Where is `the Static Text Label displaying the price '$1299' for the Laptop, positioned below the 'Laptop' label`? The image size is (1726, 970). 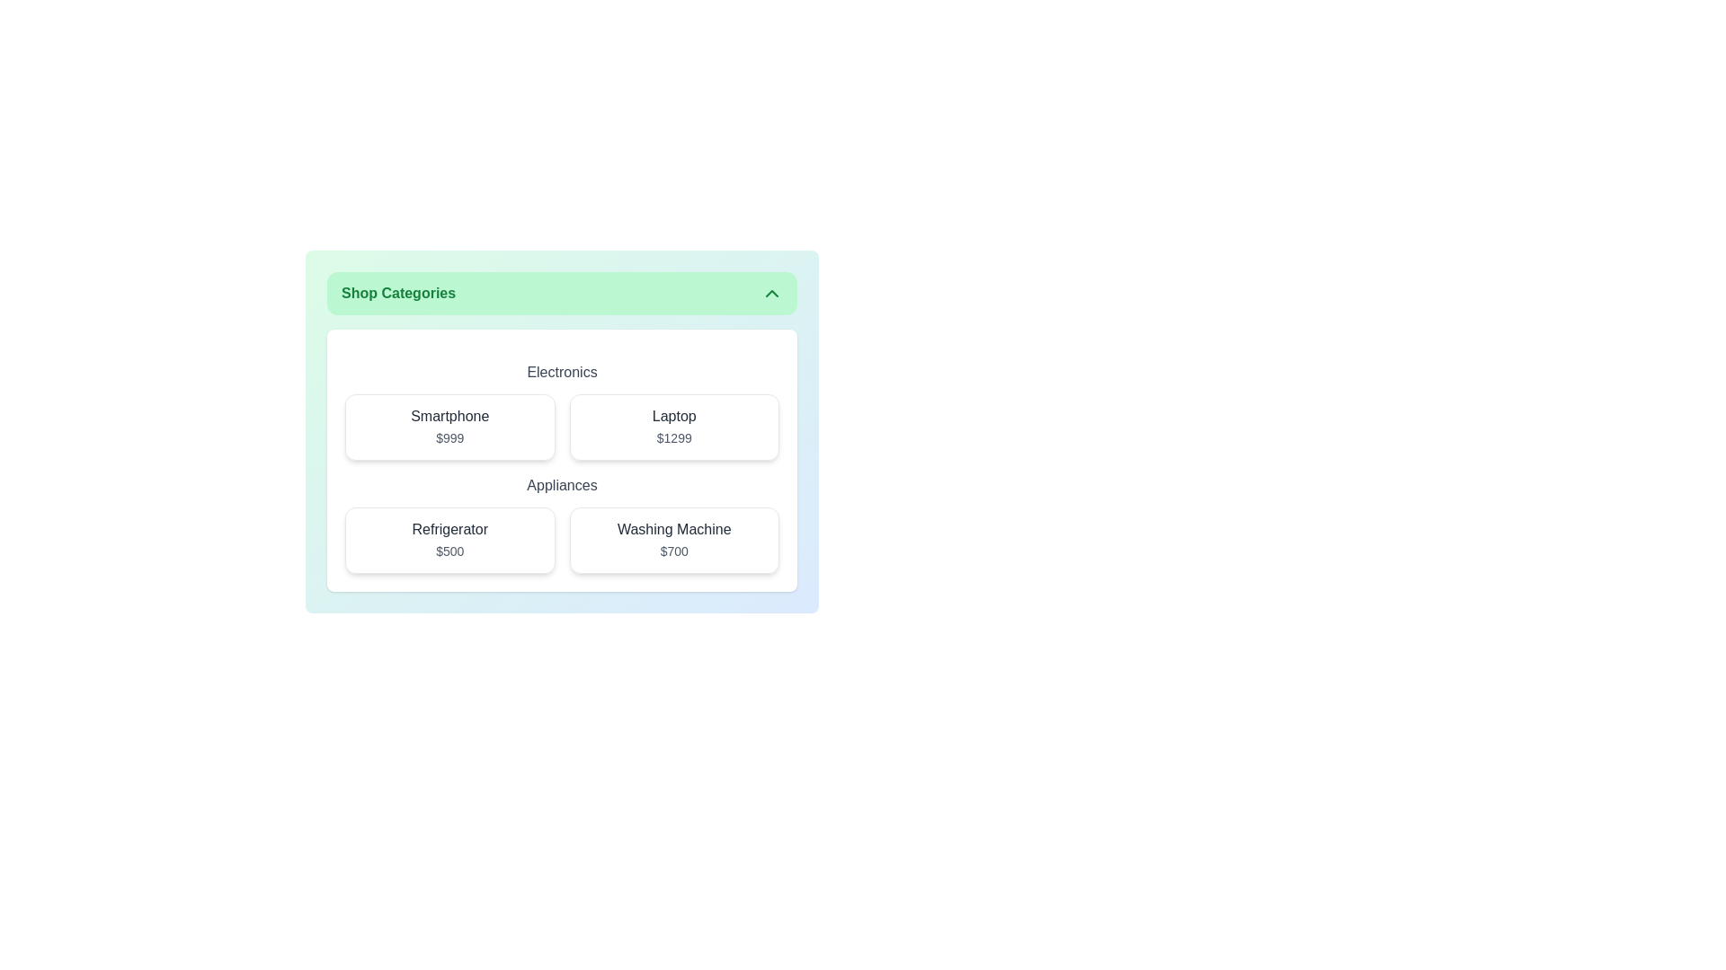
the Static Text Label displaying the price '$1299' for the Laptop, positioned below the 'Laptop' label is located at coordinates (673, 438).